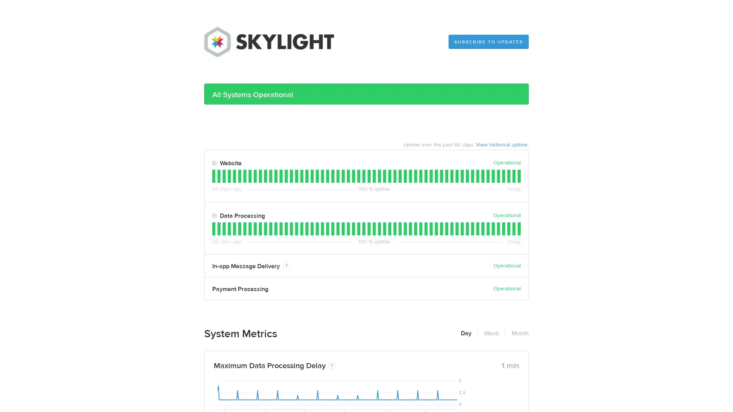 This screenshot has height=412, width=733. I want to click on Toggle Data Processing, so click(214, 216).